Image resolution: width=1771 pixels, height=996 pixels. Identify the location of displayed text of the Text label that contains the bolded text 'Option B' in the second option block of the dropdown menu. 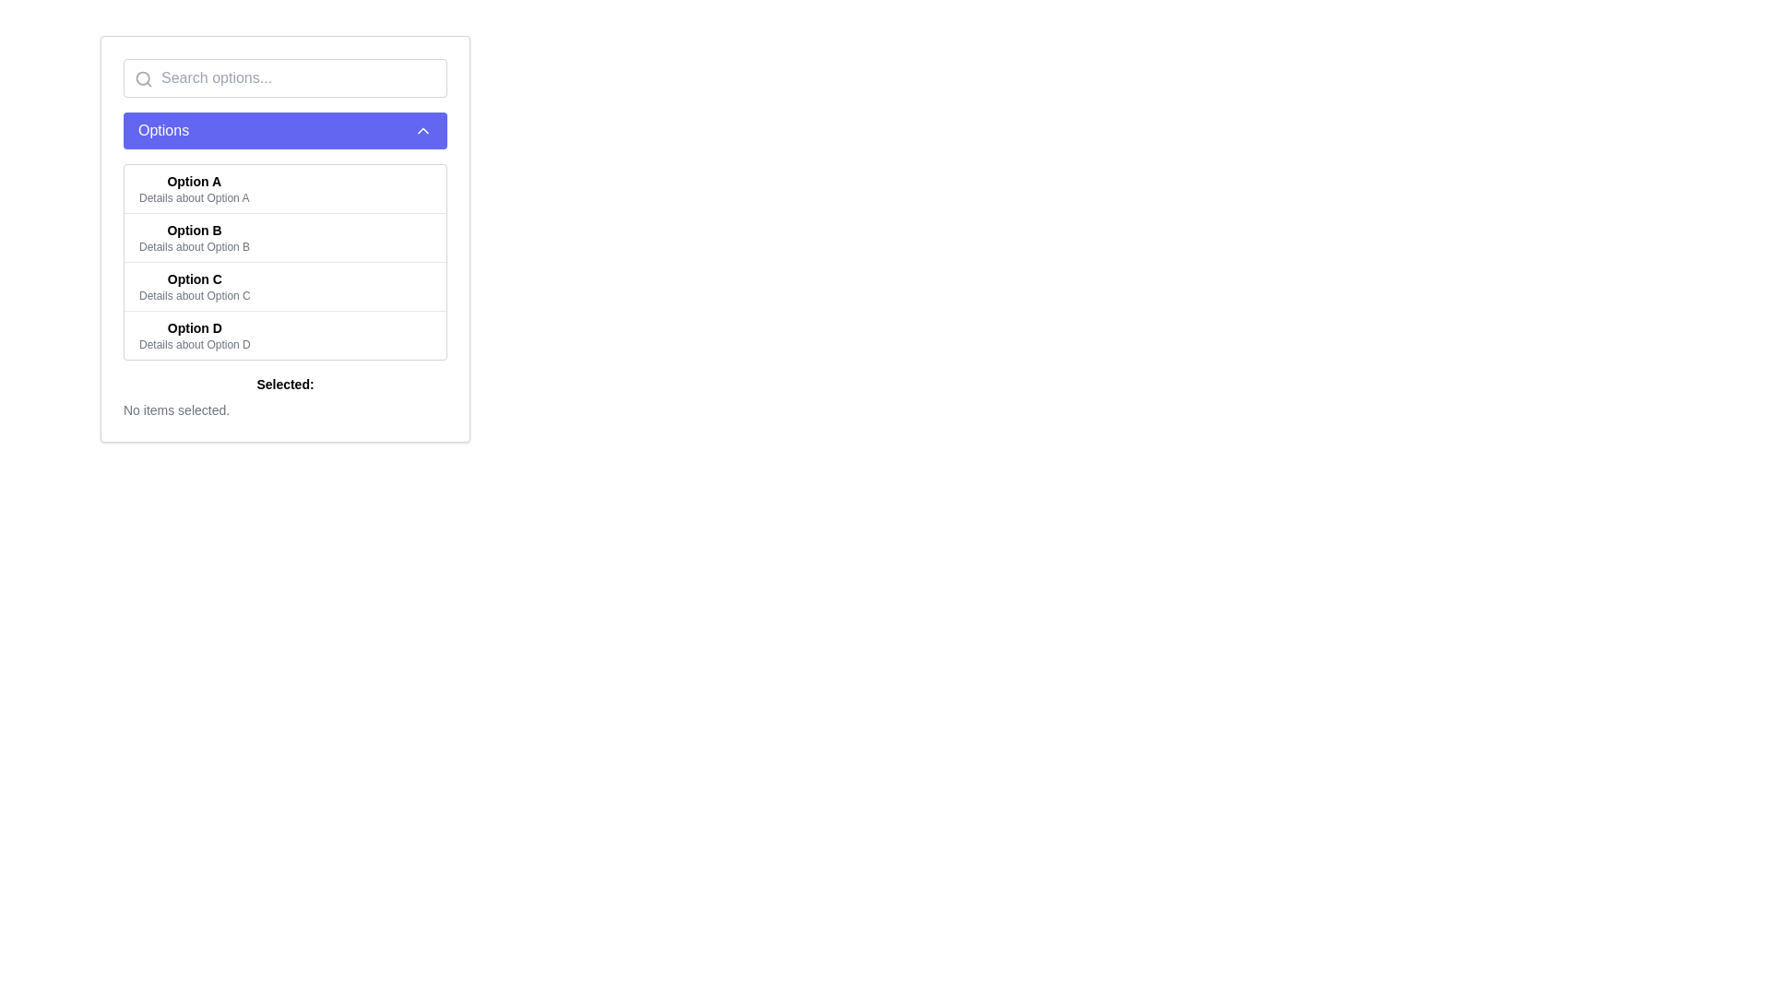
(195, 230).